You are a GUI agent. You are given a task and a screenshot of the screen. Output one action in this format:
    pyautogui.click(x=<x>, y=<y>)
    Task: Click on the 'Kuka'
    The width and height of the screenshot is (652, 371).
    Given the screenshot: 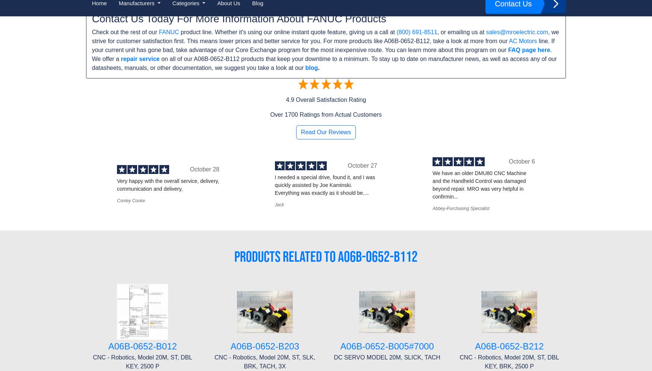 What is the action you would take?
    pyautogui.click(x=215, y=238)
    